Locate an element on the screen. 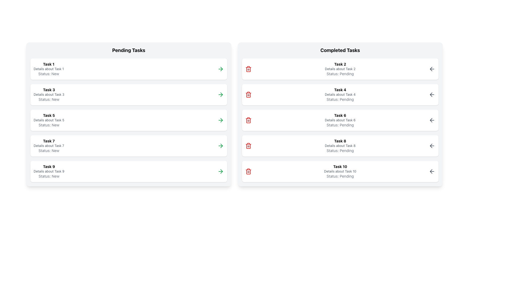 Image resolution: width=513 pixels, height=288 pixels. the status indicator text labeled 'New' located in the 'Pending Tasks' section under 'Task 7' is located at coordinates (49, 150).